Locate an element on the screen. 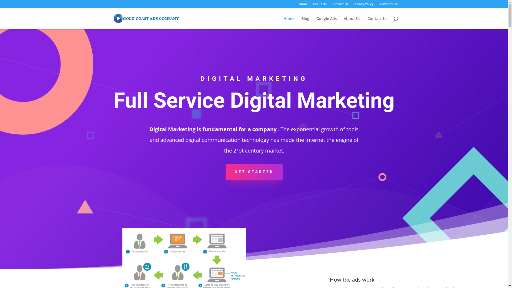 This screenshot has width=512, height=288. 'Contact Us' is located at coordinates (339, 5).